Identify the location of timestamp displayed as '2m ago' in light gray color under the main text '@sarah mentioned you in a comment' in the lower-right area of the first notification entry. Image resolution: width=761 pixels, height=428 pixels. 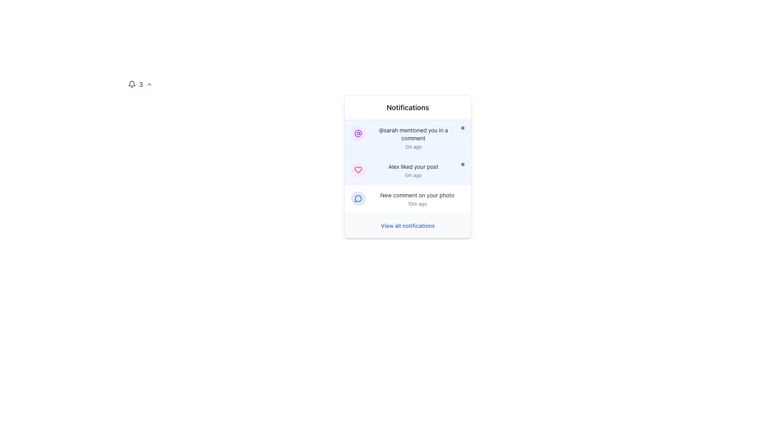
(413, 147).